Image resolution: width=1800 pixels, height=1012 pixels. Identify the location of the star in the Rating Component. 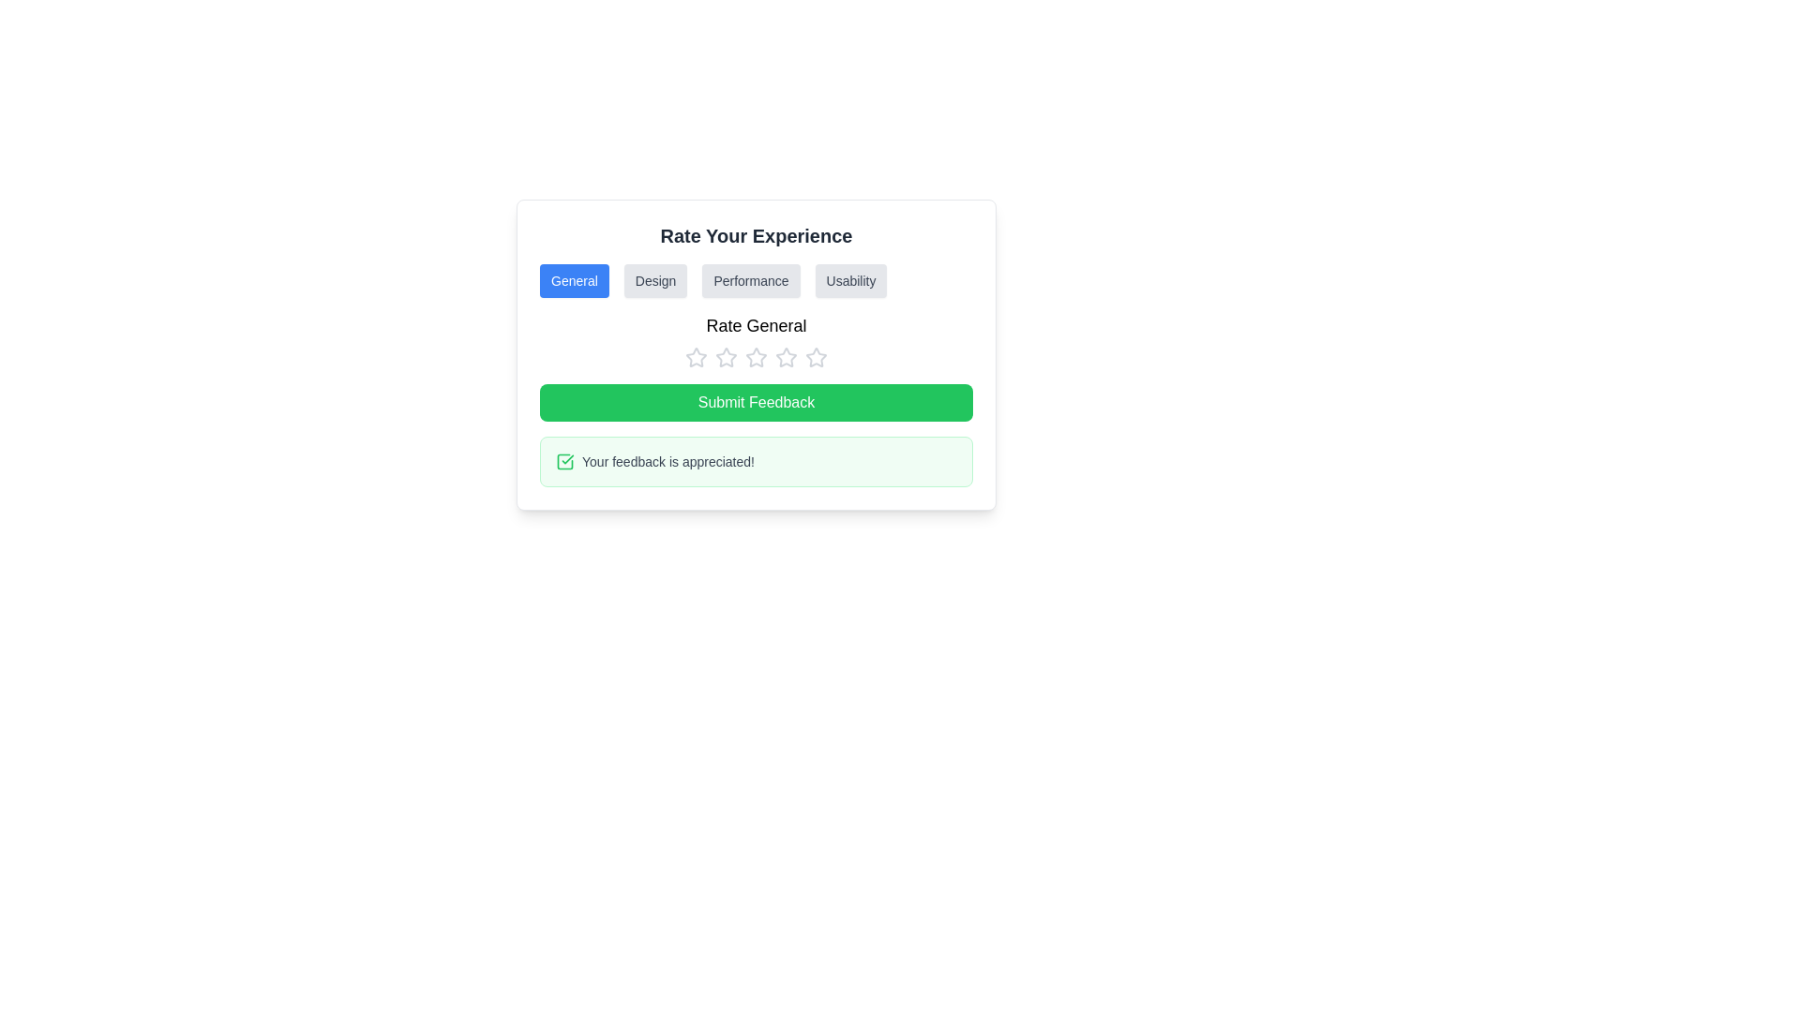
(756, 340).